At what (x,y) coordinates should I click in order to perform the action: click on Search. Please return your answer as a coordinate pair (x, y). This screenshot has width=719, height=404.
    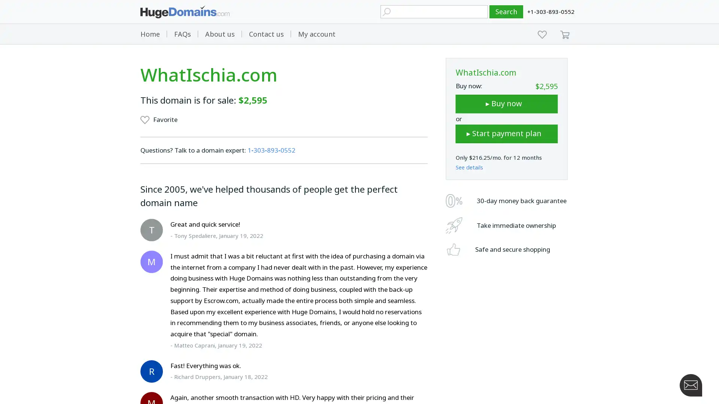
    Looking at the image, I should click on (506, 12).